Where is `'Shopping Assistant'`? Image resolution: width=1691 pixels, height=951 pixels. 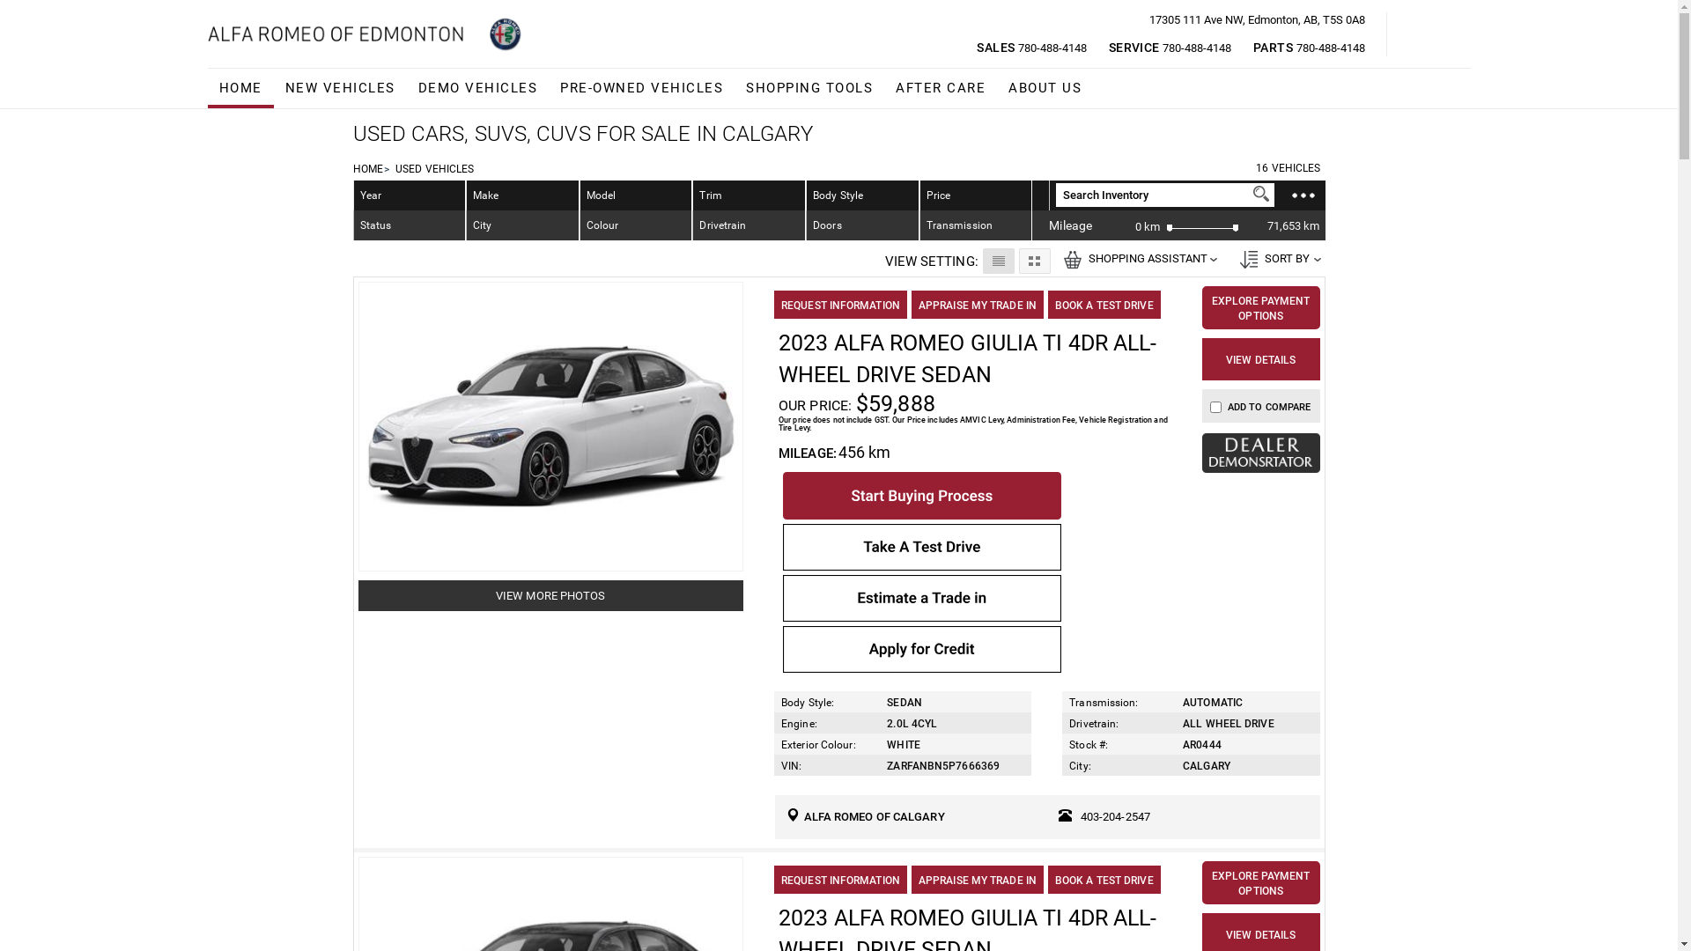
'Shopping Assistant' is located at coordinates (1072, 259).